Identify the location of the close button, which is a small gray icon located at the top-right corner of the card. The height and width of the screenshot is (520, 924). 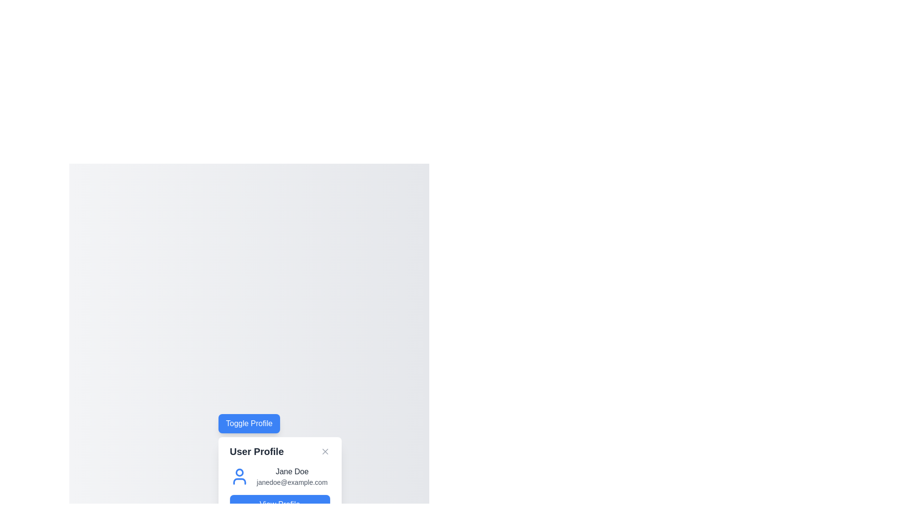
(325, 451).